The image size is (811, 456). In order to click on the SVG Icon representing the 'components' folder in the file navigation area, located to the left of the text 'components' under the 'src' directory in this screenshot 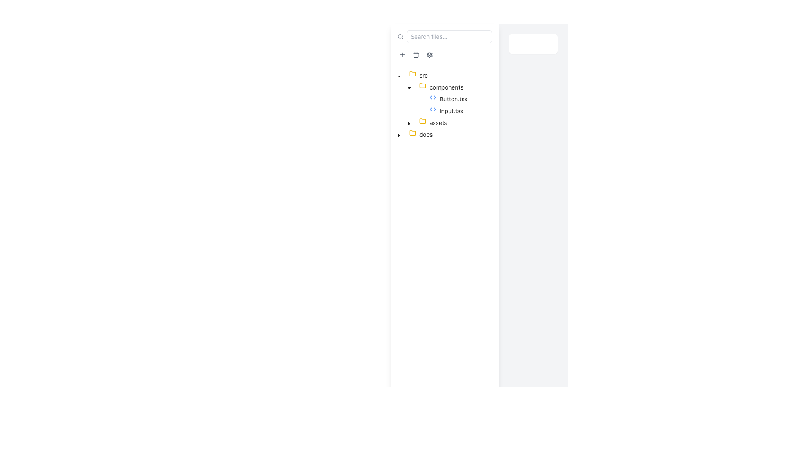, I will do `click(423, 85)`.